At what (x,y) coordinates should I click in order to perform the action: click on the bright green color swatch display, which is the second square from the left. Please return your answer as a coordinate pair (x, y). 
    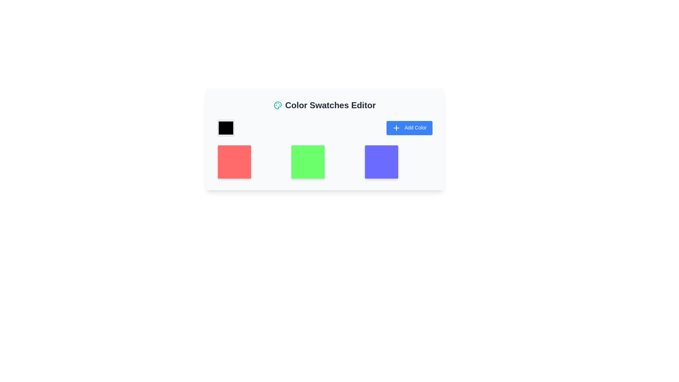
    Looking at the image, I should click on (324, 162).